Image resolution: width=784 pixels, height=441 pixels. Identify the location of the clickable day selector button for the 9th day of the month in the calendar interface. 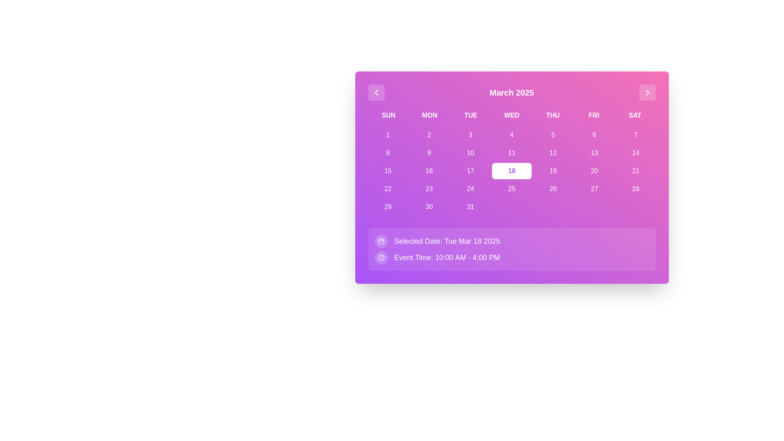
(429, 153).